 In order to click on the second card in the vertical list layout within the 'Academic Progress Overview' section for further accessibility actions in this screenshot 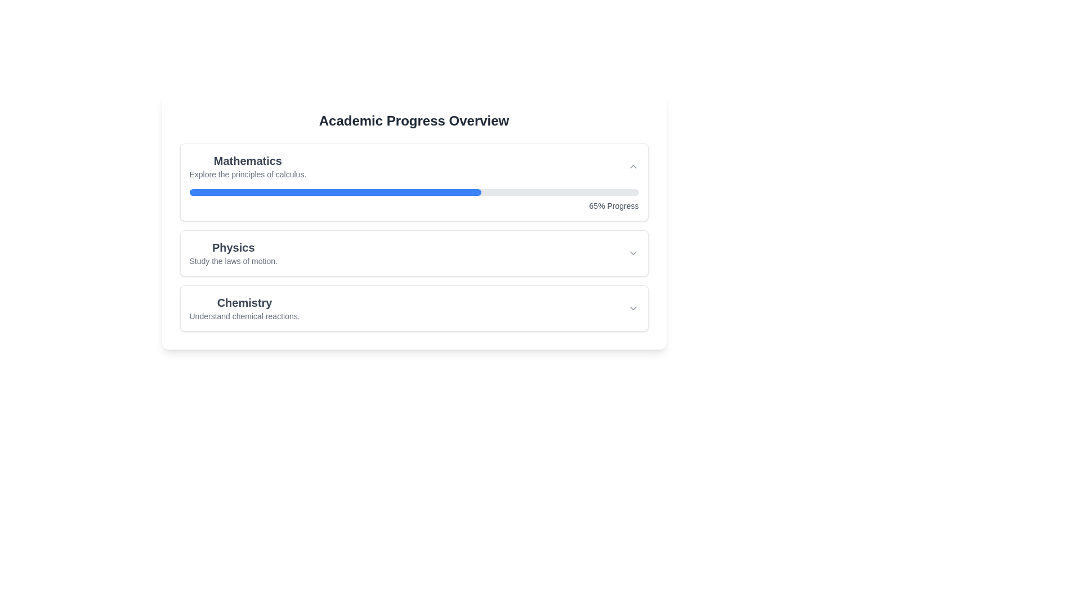, I will do `click(413, 236)`.